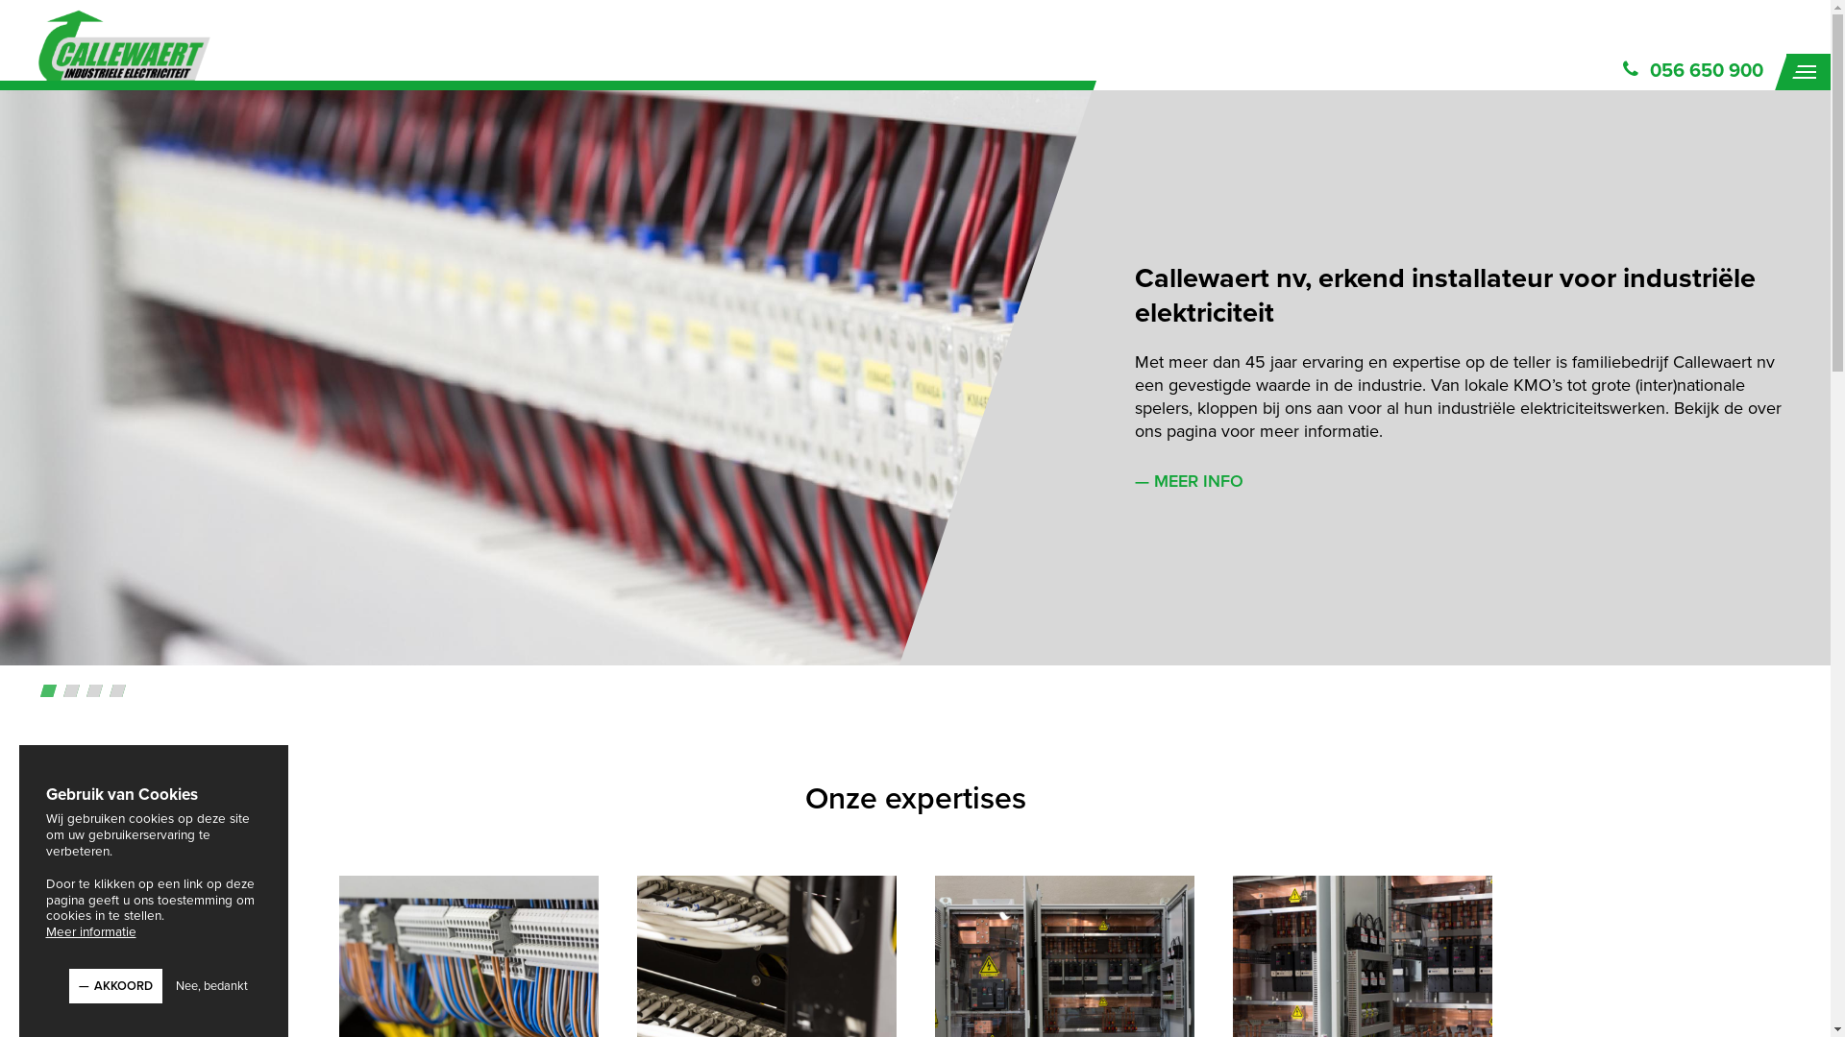 The height and width of the screenshot is (1037, 1845). I want to click on 'Toggle navigation', so click(1807, 70).